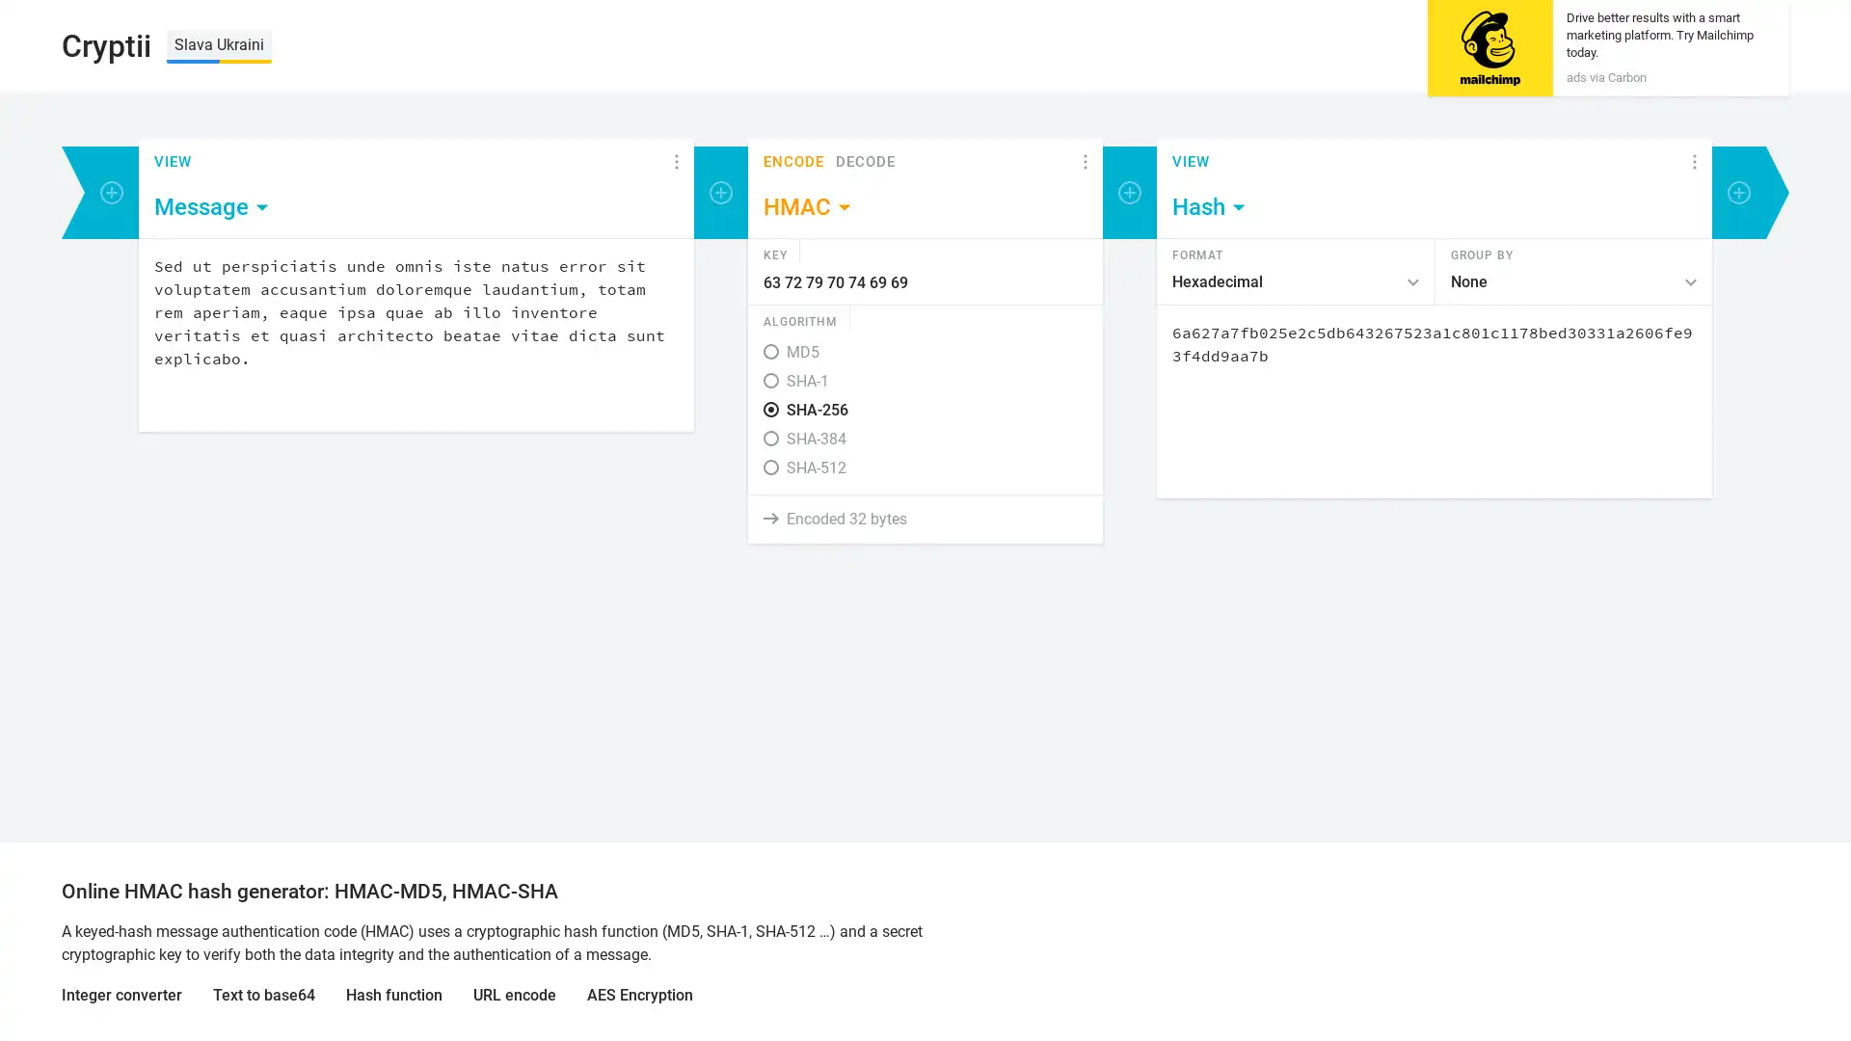  What do you see at coordinates (212, 207) in the screenshot?
I see `Message` at bounding box center [212, 207].